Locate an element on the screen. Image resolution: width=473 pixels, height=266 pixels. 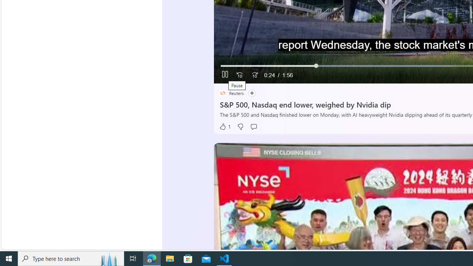
'Seek Back' is located at coordinates (239, 75).